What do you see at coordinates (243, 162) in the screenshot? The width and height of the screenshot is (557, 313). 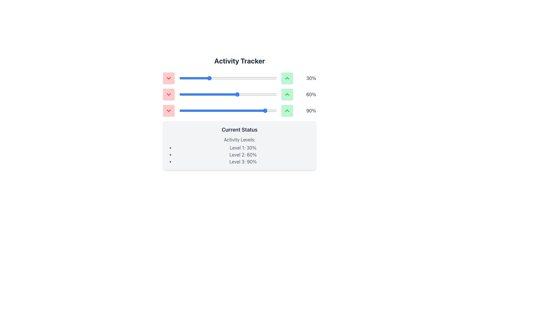 I see `the static text label displaying 'Level 3: 90%' in the 'Current Status' section of the 'Activity Tracker'` at bounding box center [243, 162].